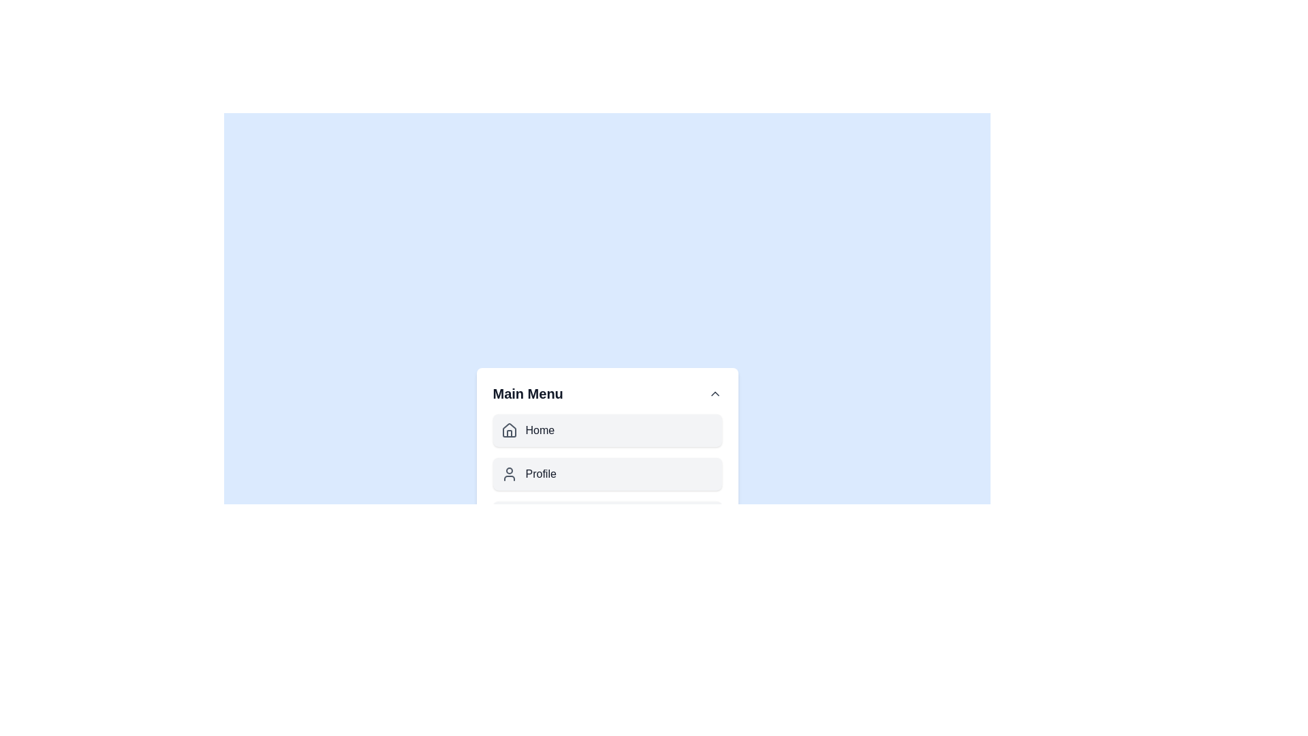 The height and width of the screenshot is (736, 1308). Describe the element at coordinates (606, 431) in the screenshot. I see `the menu item Home` at that location.